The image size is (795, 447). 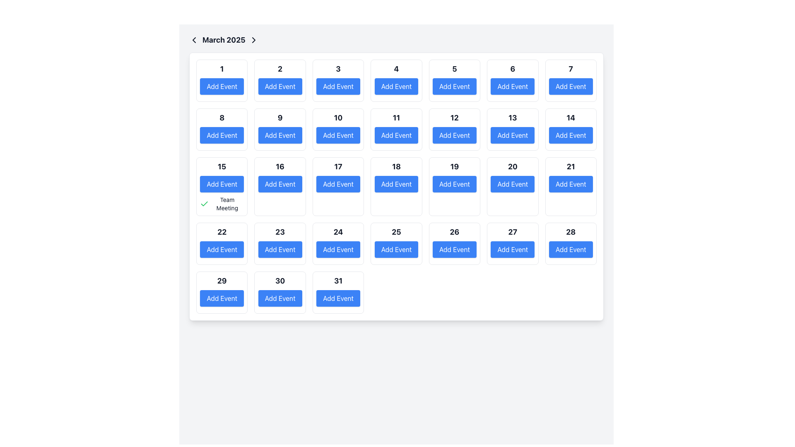 What do you see at coordinates (396, 243) in the screenshot?
I see `the Calendar Day Cell representing the 25th day of the month` at bounding box center [396, 243].